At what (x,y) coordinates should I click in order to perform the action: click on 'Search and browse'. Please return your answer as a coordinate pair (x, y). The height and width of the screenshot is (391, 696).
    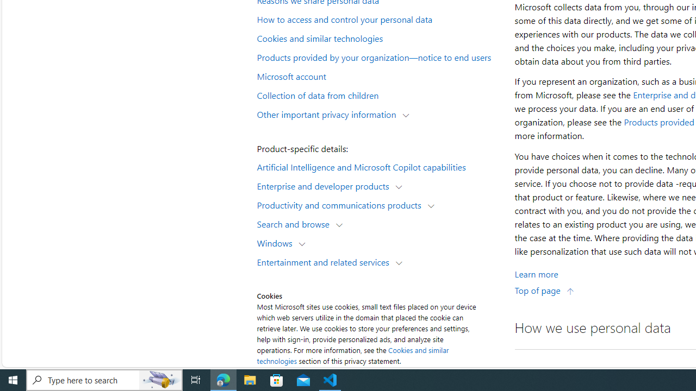
    Looking at the image, I should click on (296, 223).